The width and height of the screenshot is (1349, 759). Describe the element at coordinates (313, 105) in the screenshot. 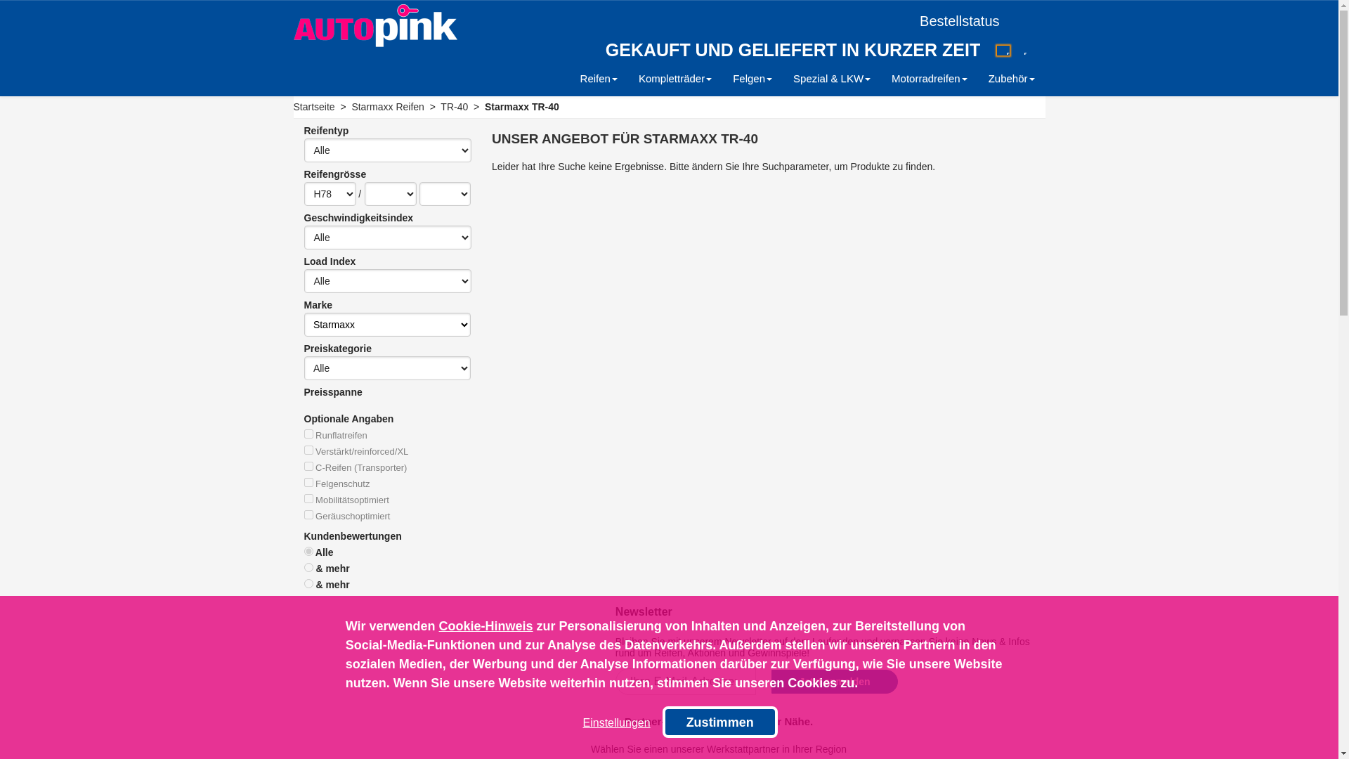

I see `'Startseite'` at that location.